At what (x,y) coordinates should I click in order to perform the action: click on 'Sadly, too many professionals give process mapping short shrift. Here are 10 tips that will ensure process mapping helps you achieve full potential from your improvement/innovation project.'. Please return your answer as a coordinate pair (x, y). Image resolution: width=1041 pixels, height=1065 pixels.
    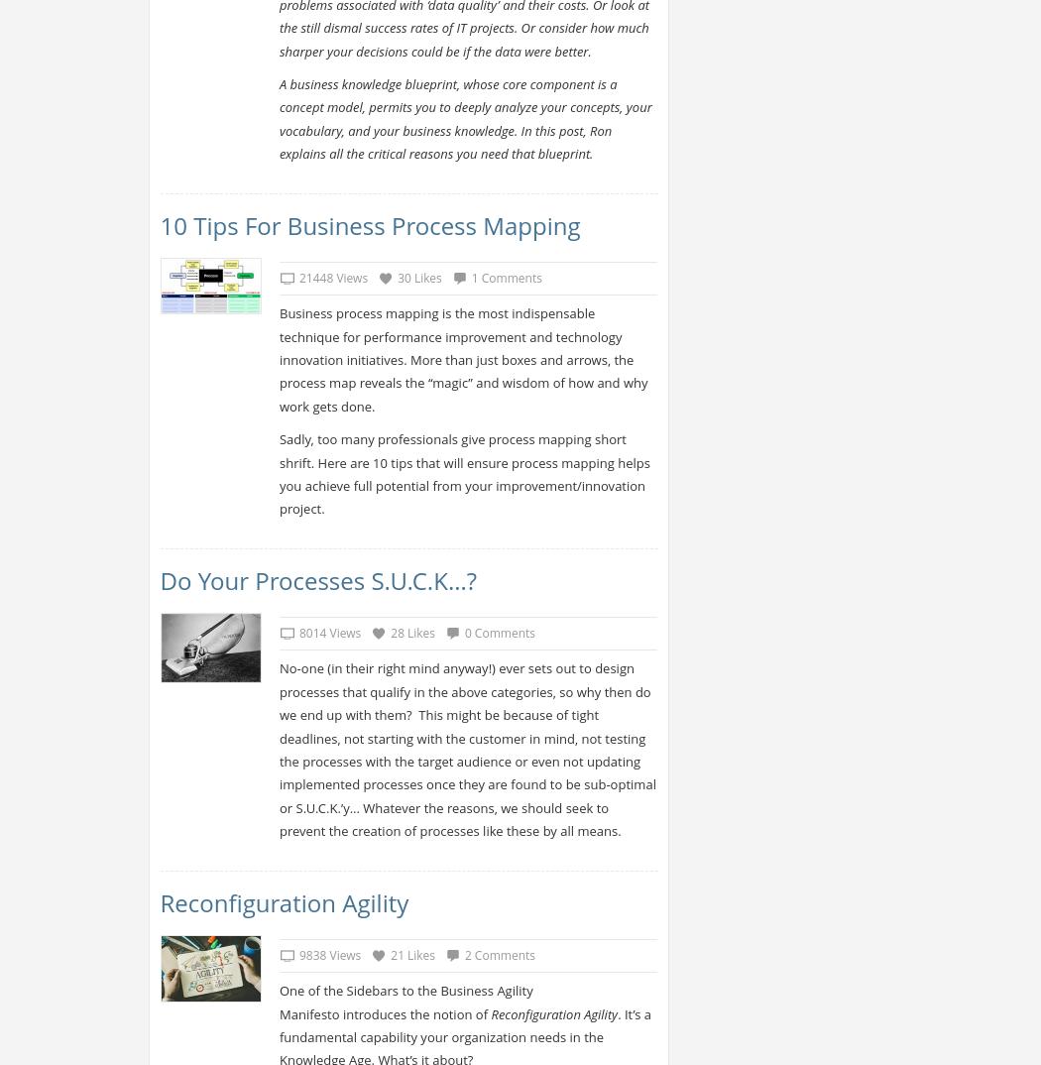
    Looking at the image, I should click on (463, 473).